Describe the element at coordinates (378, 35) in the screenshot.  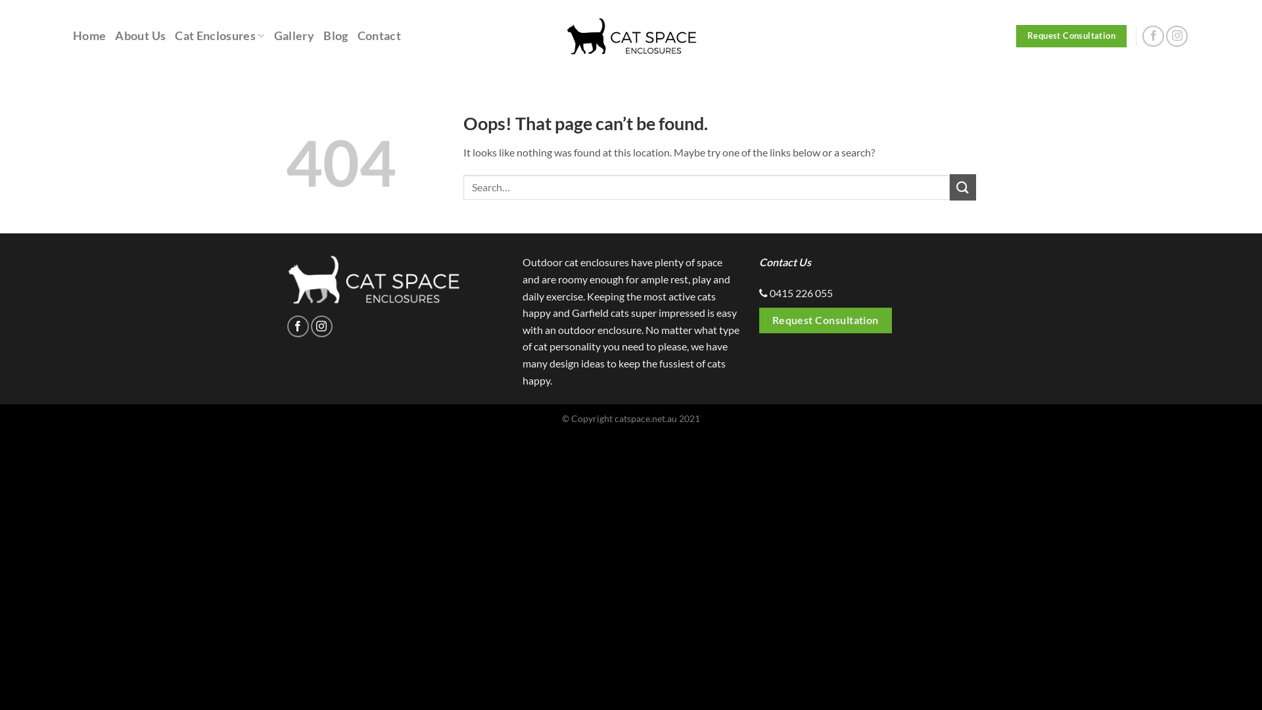
I see `'Contact'` at that location.